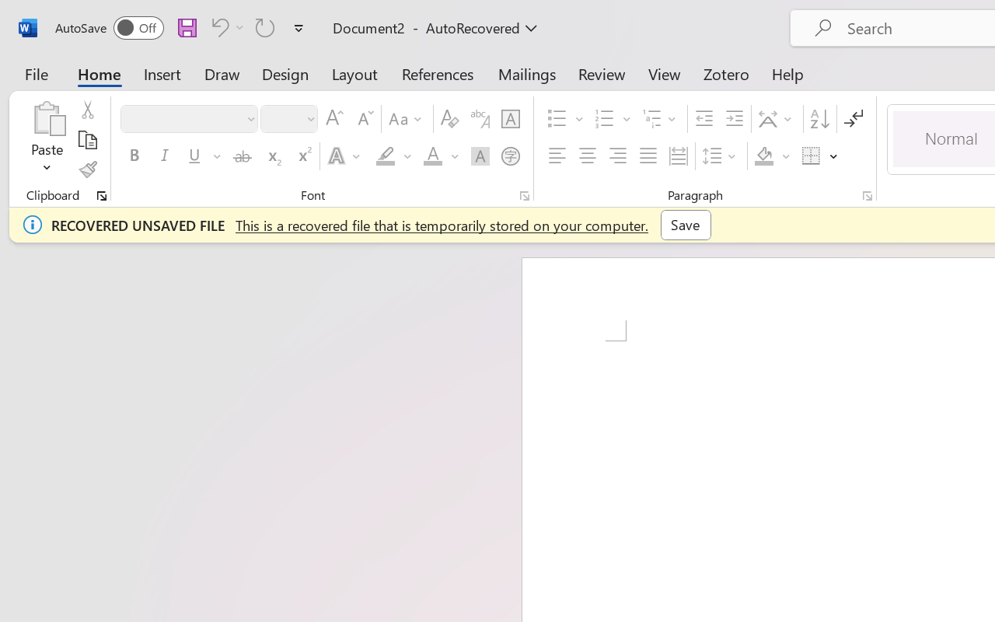 This screenshot has height=622, width=995. I want to click on 'Increase Indent', so click(733, 119).